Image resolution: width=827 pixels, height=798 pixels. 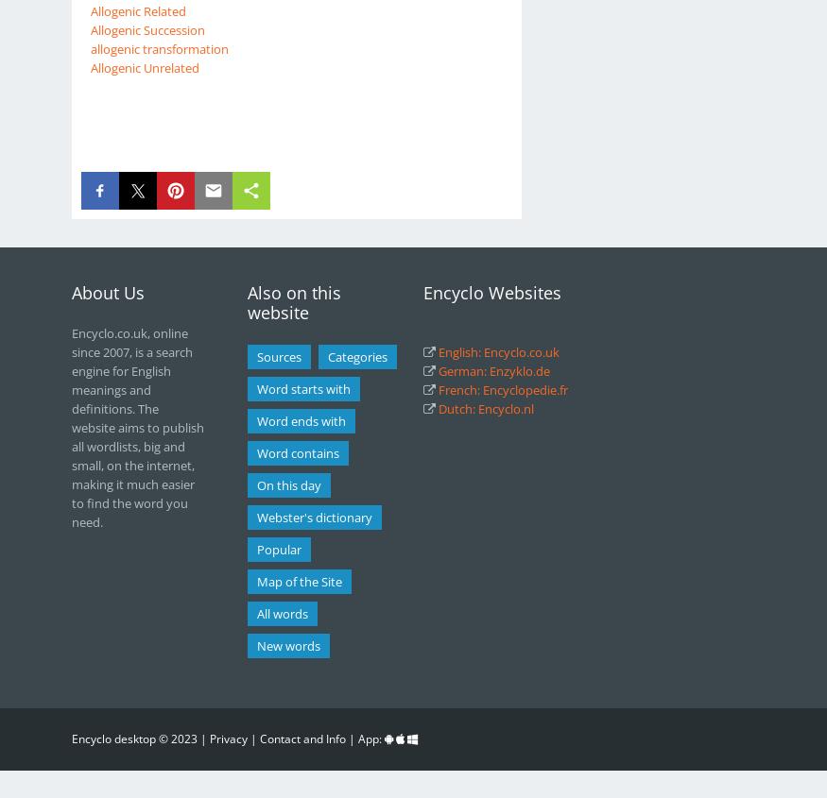 I want to click on 'Allogenic Succession', so click(x=146, y=28).